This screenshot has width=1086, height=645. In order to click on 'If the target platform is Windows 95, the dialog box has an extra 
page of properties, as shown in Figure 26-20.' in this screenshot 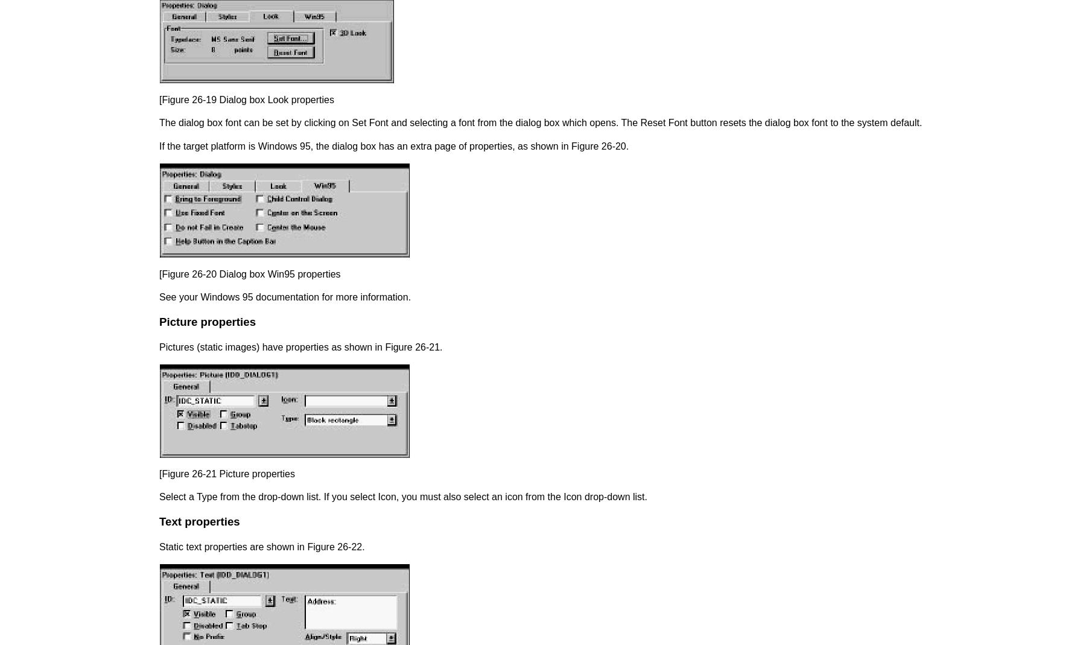, I will do `click(394, 145)`.